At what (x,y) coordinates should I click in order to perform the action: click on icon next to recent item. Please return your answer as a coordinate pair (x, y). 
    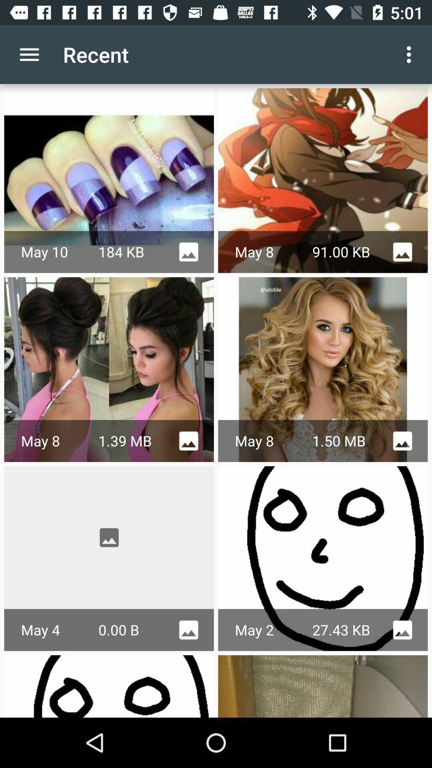
    Looking at the image, I should click on (411, 54).